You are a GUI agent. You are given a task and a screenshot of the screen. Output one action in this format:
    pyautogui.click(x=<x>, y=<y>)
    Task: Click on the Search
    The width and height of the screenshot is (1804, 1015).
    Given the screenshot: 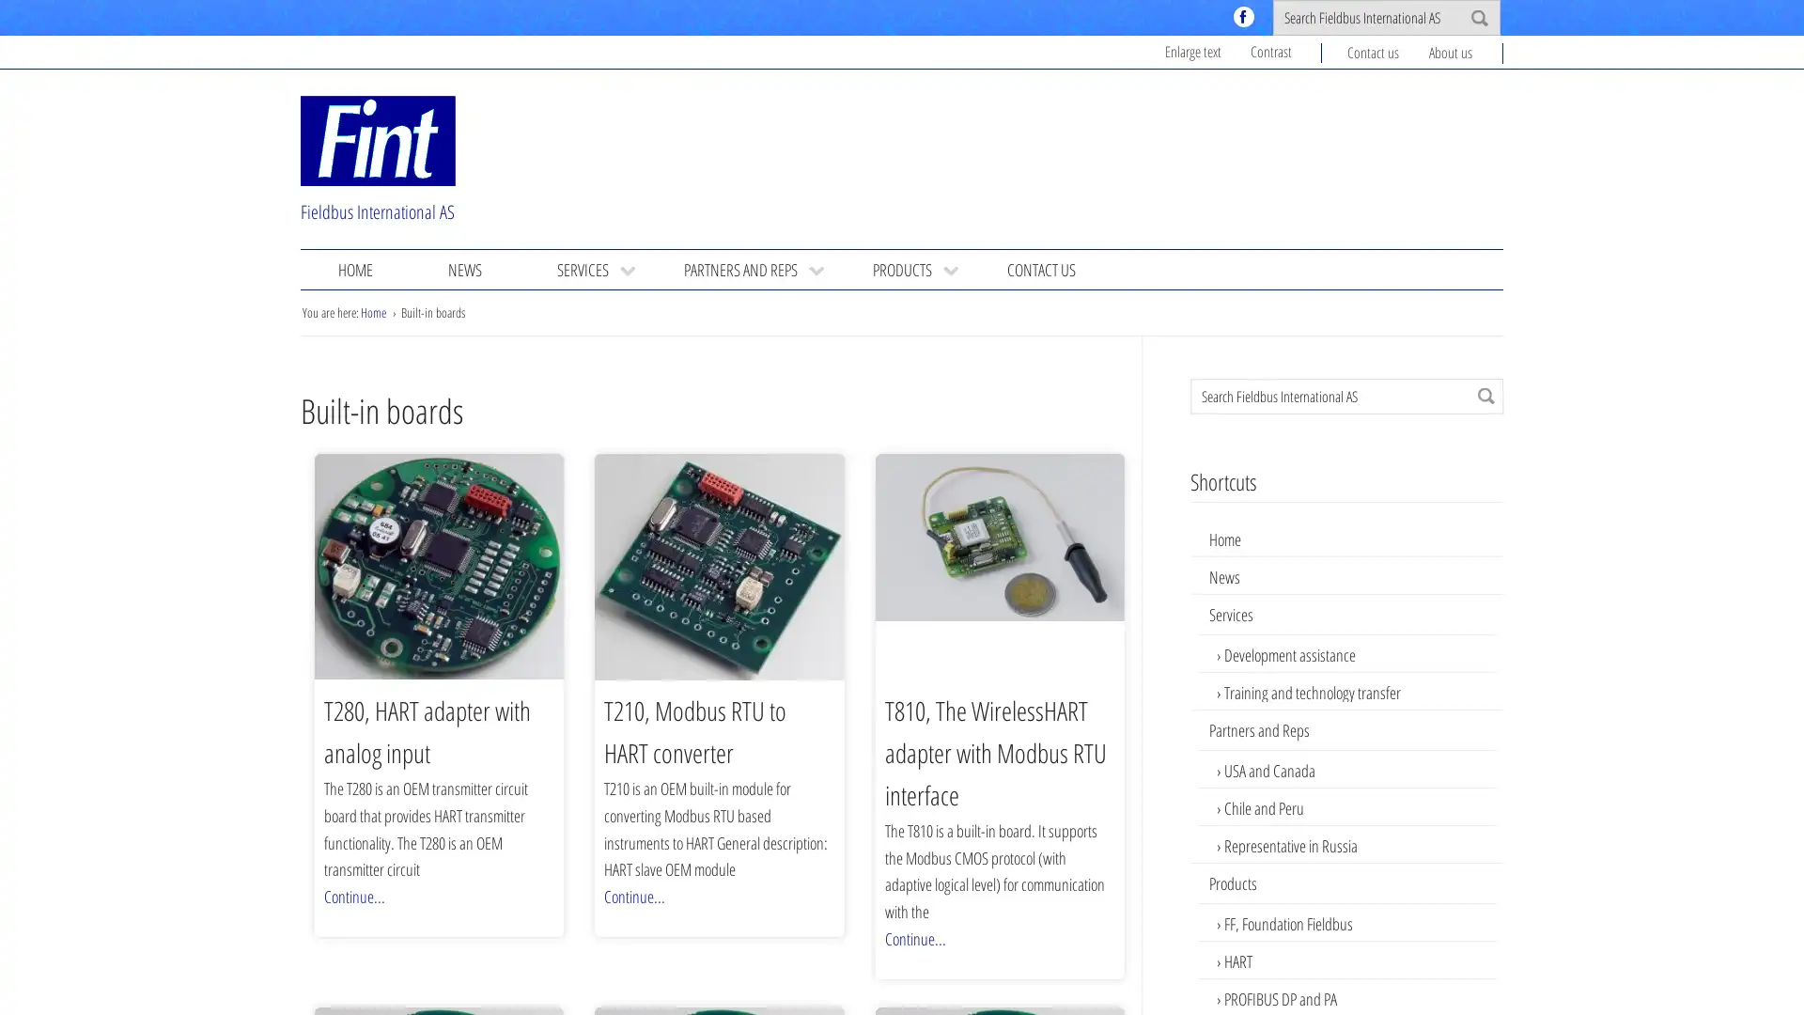 What is the action you would take?
    pyautogui.click(x=1485, y=394)
    